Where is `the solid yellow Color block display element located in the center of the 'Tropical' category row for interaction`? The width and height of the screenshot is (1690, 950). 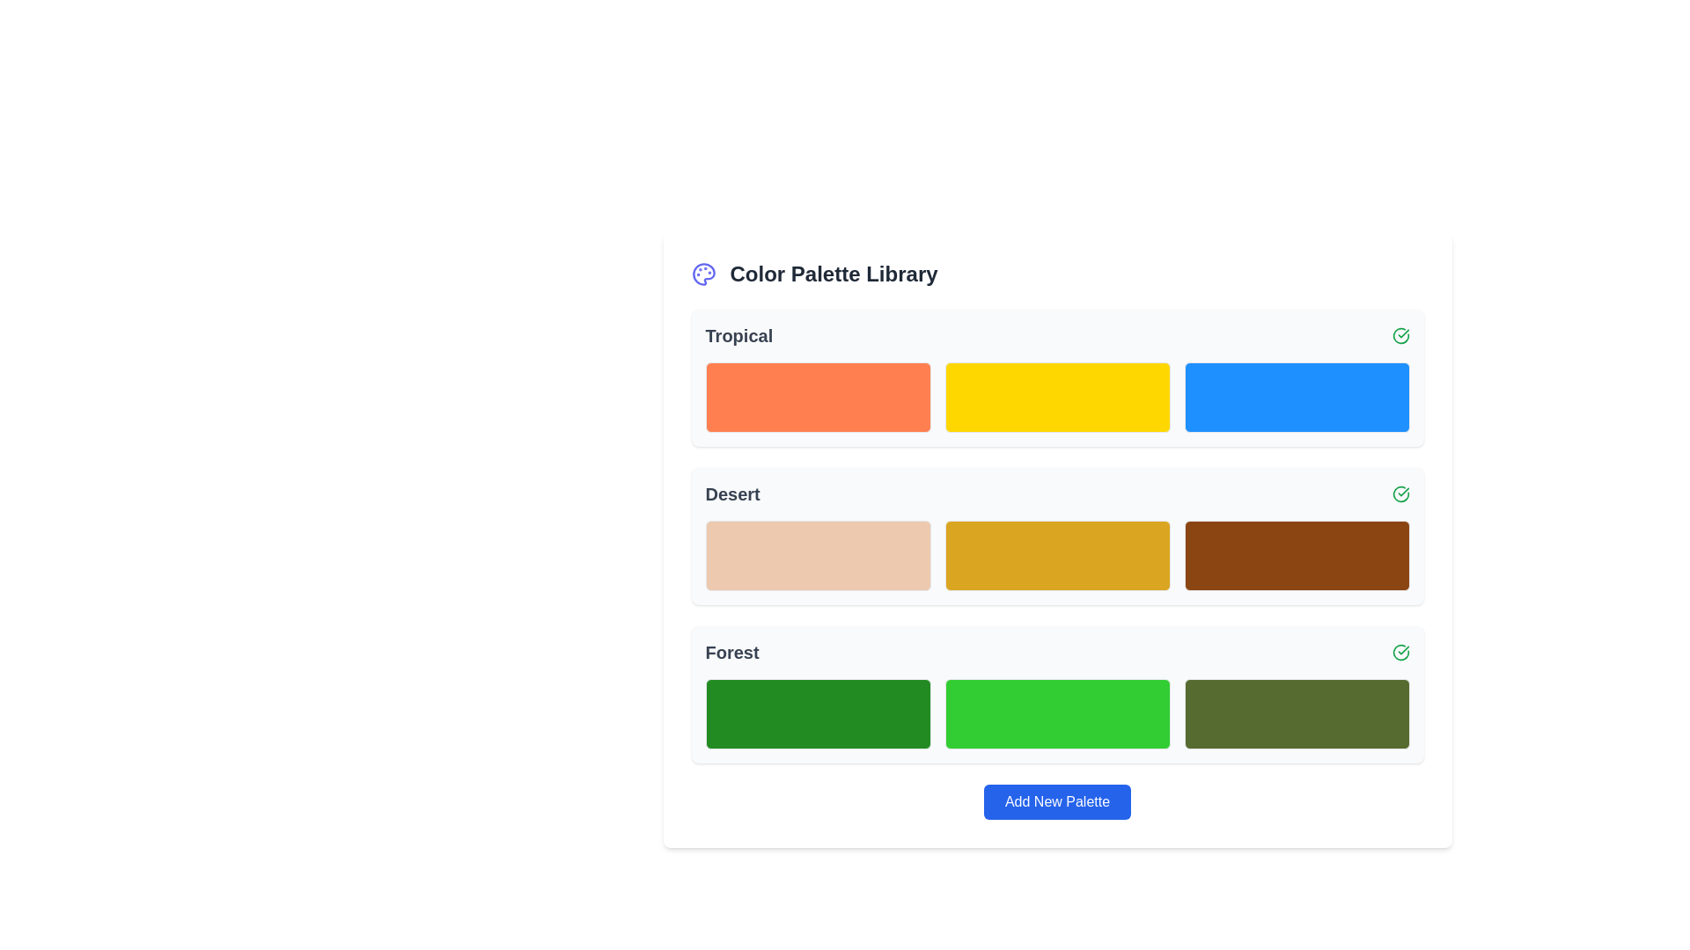 the solid yellow Color block display element located in the center of the 'Tropical' category row for interaction is located at coordinates (1056, 397).